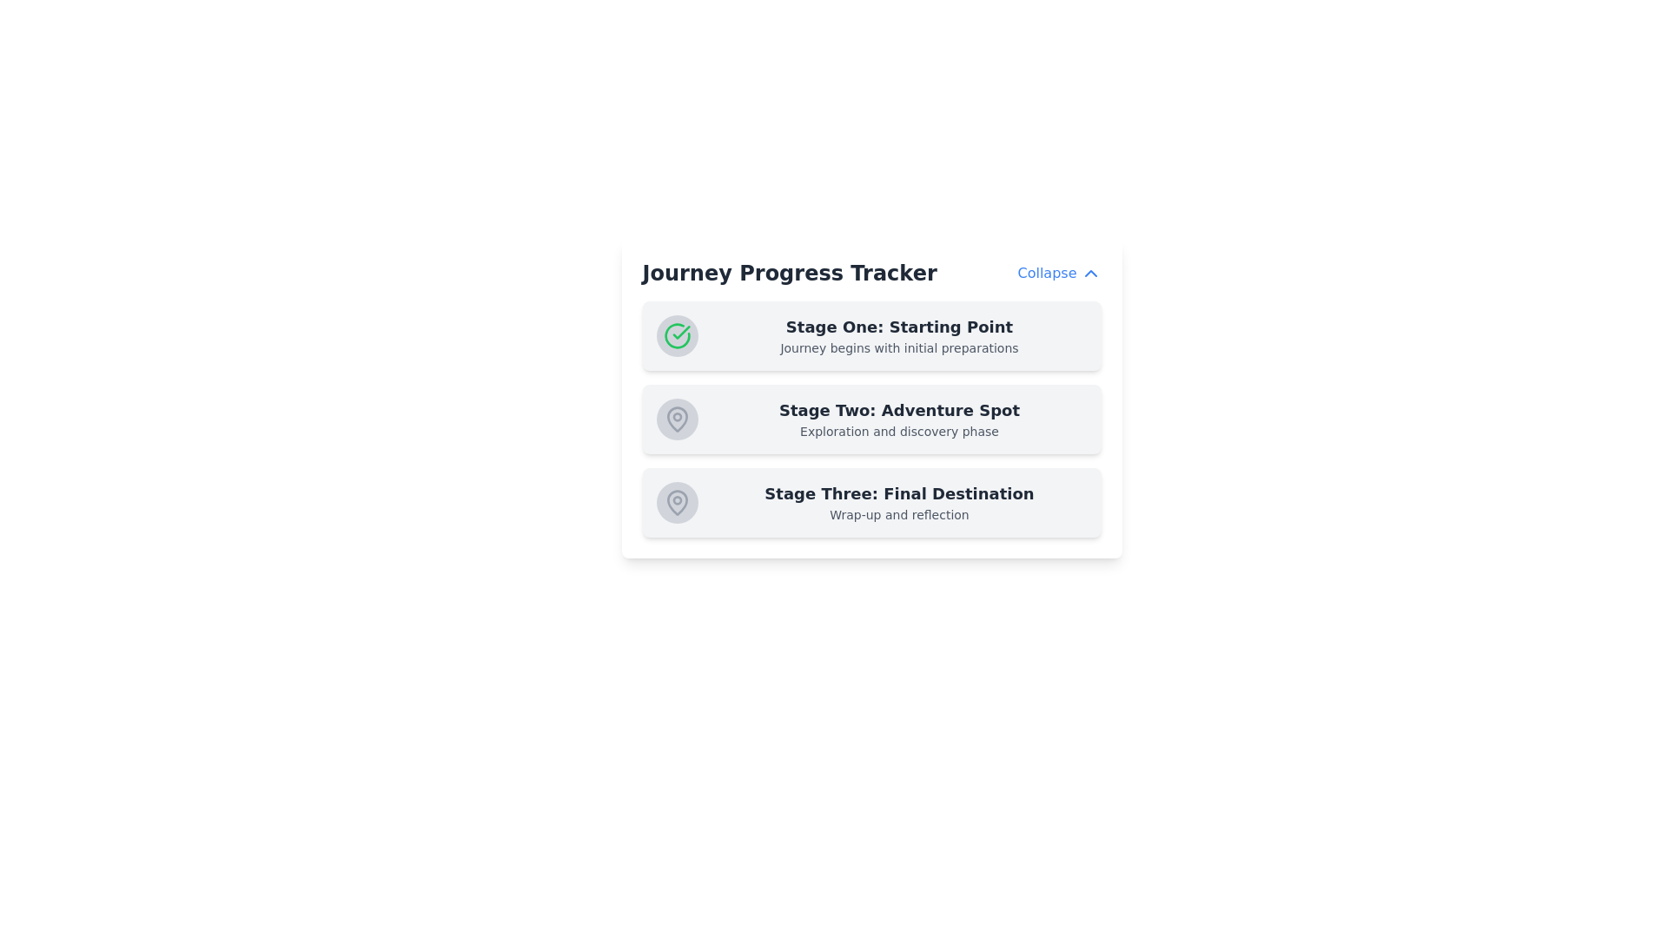  I want to click on the map pin icon within the circular button that represents the 'Stage Three: Final Destination' in the vertically stacked progress tracker, so click(676, 502).